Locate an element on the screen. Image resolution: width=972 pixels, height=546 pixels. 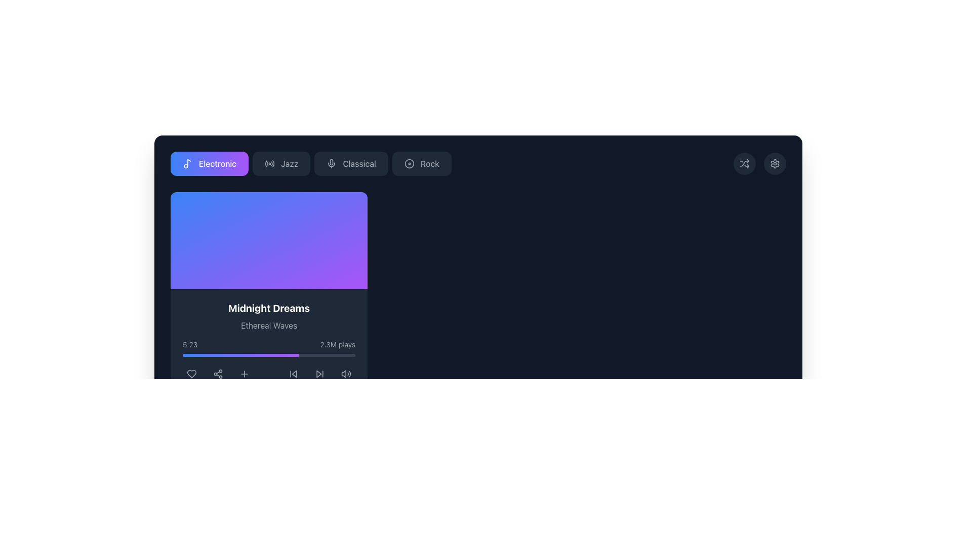
the Button group located in the top section of the interface is located at coordinates (310, 163).